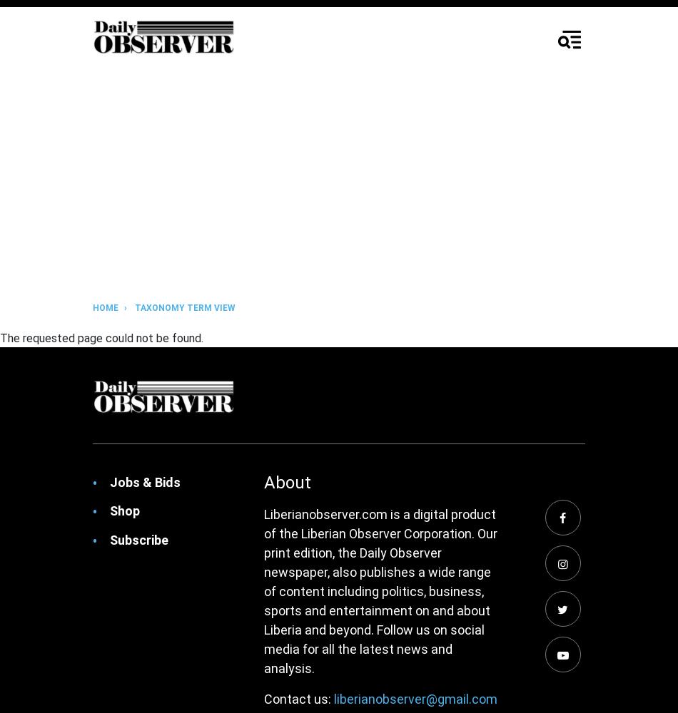  I want to click on 'Jobs & Bids', so click(145, 482).